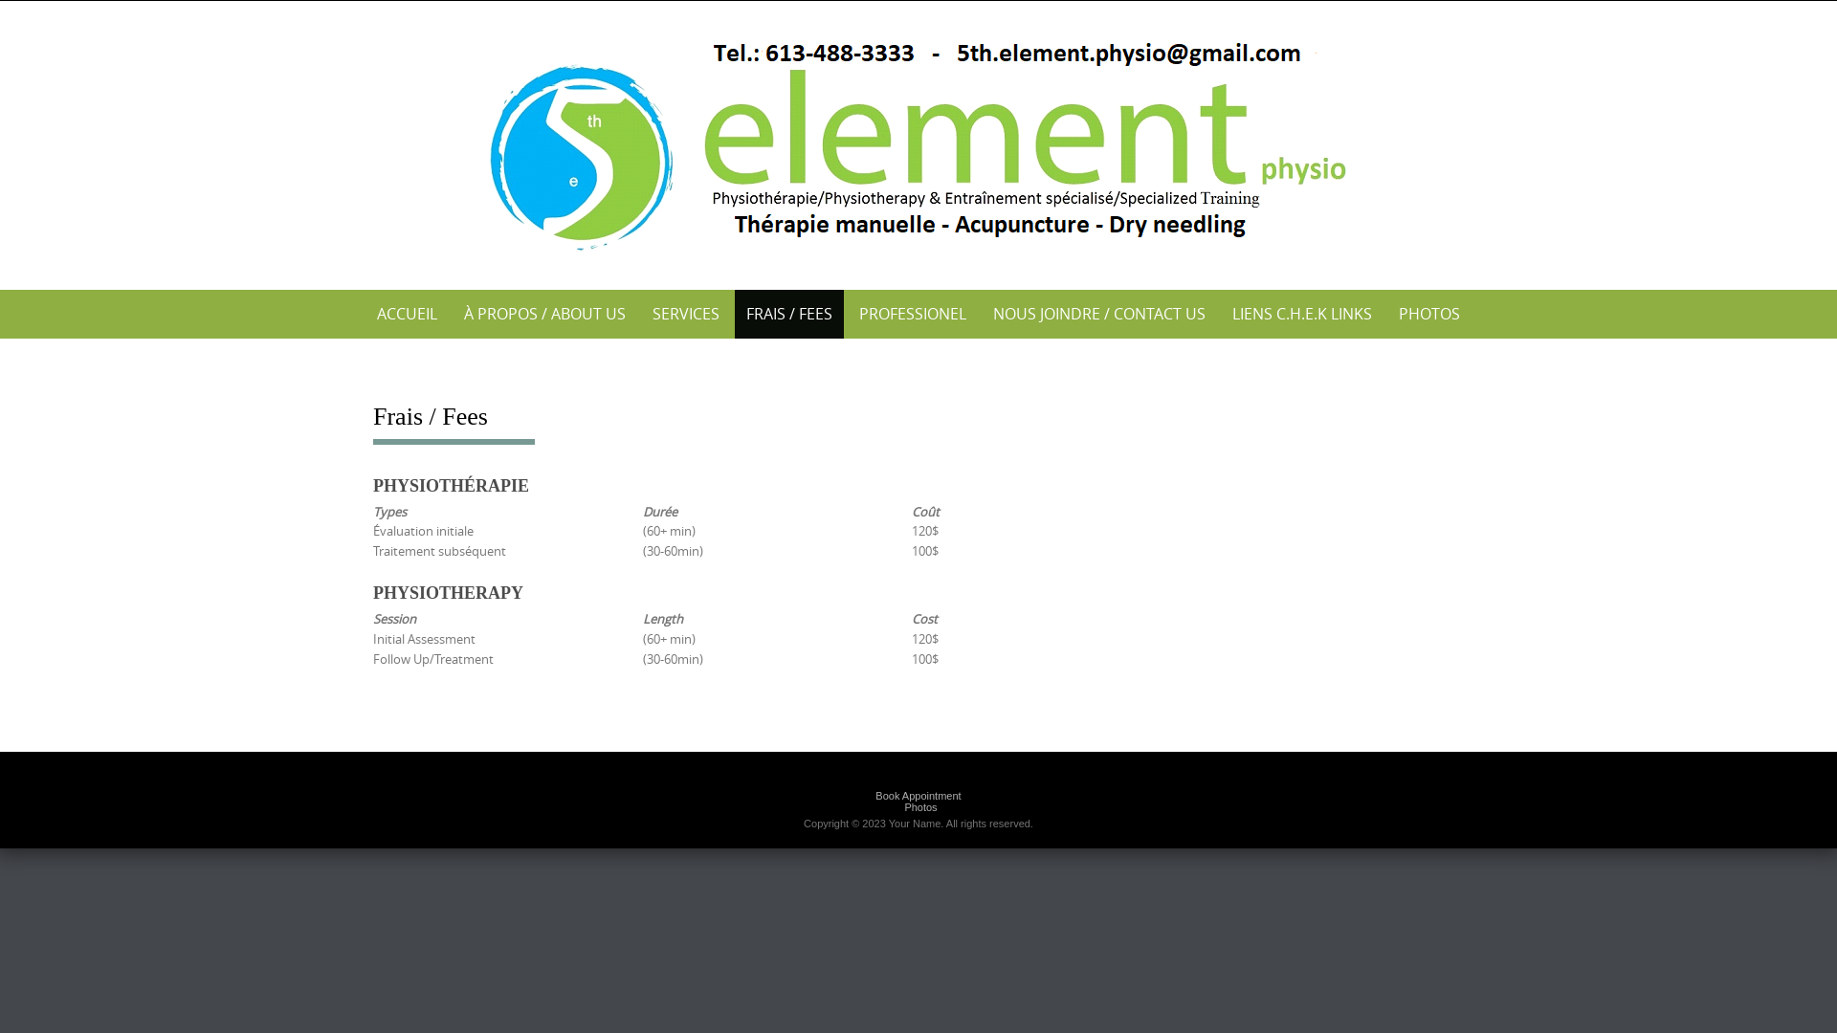  Describe the element at coordinates (734, 313) in the screenshot. I see `'FRAIS / FEES'` at that location.